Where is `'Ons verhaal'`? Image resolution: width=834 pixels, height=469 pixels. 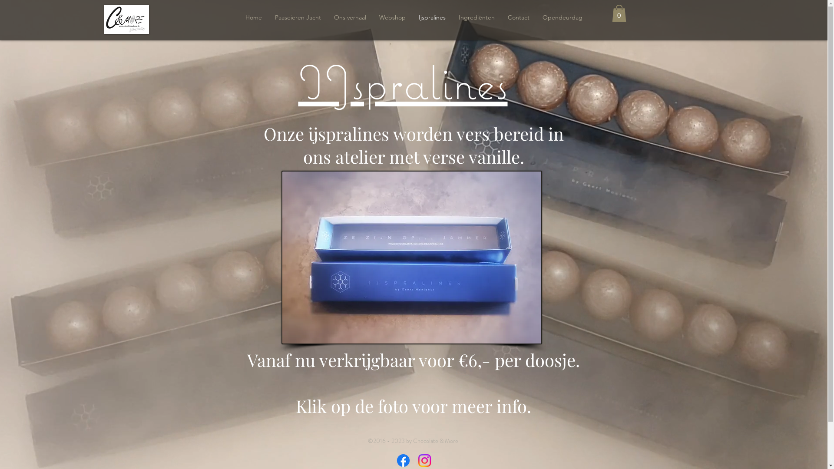
'Ons verhaal' is located at coordinates (350, 17).